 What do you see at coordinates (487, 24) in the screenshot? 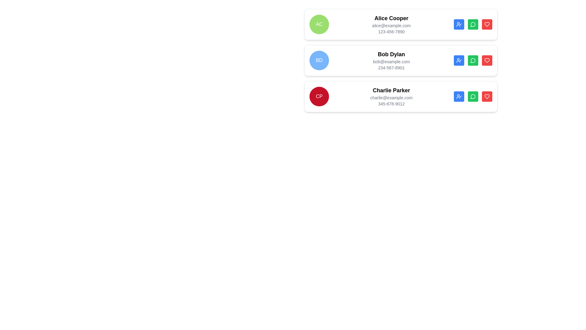
I see `the heart icon located within the rightmost button of the topmost user card` at bounding box center [487, 24].